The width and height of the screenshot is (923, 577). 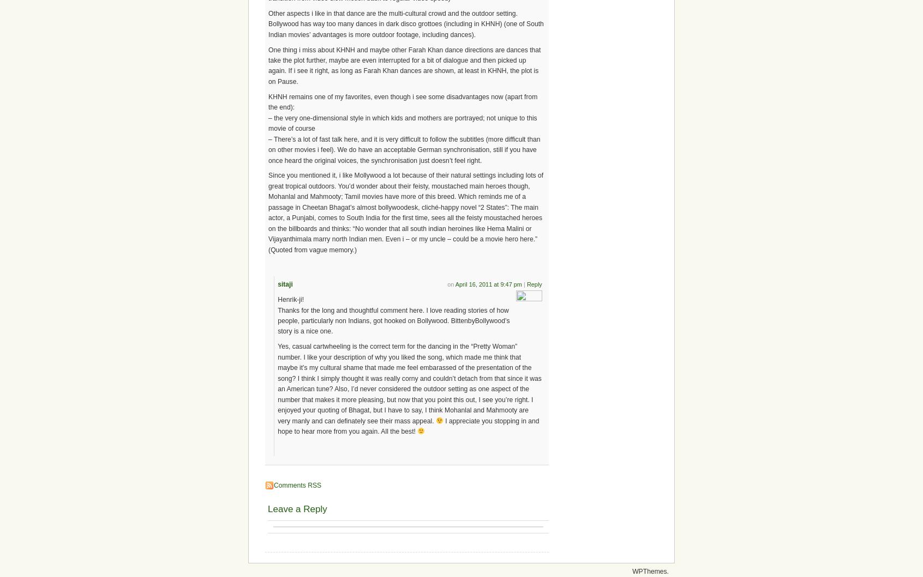 What do you see at coordinates (451, 284) in the screenshot?
I see `'on'` at bounding box center [451, 284].